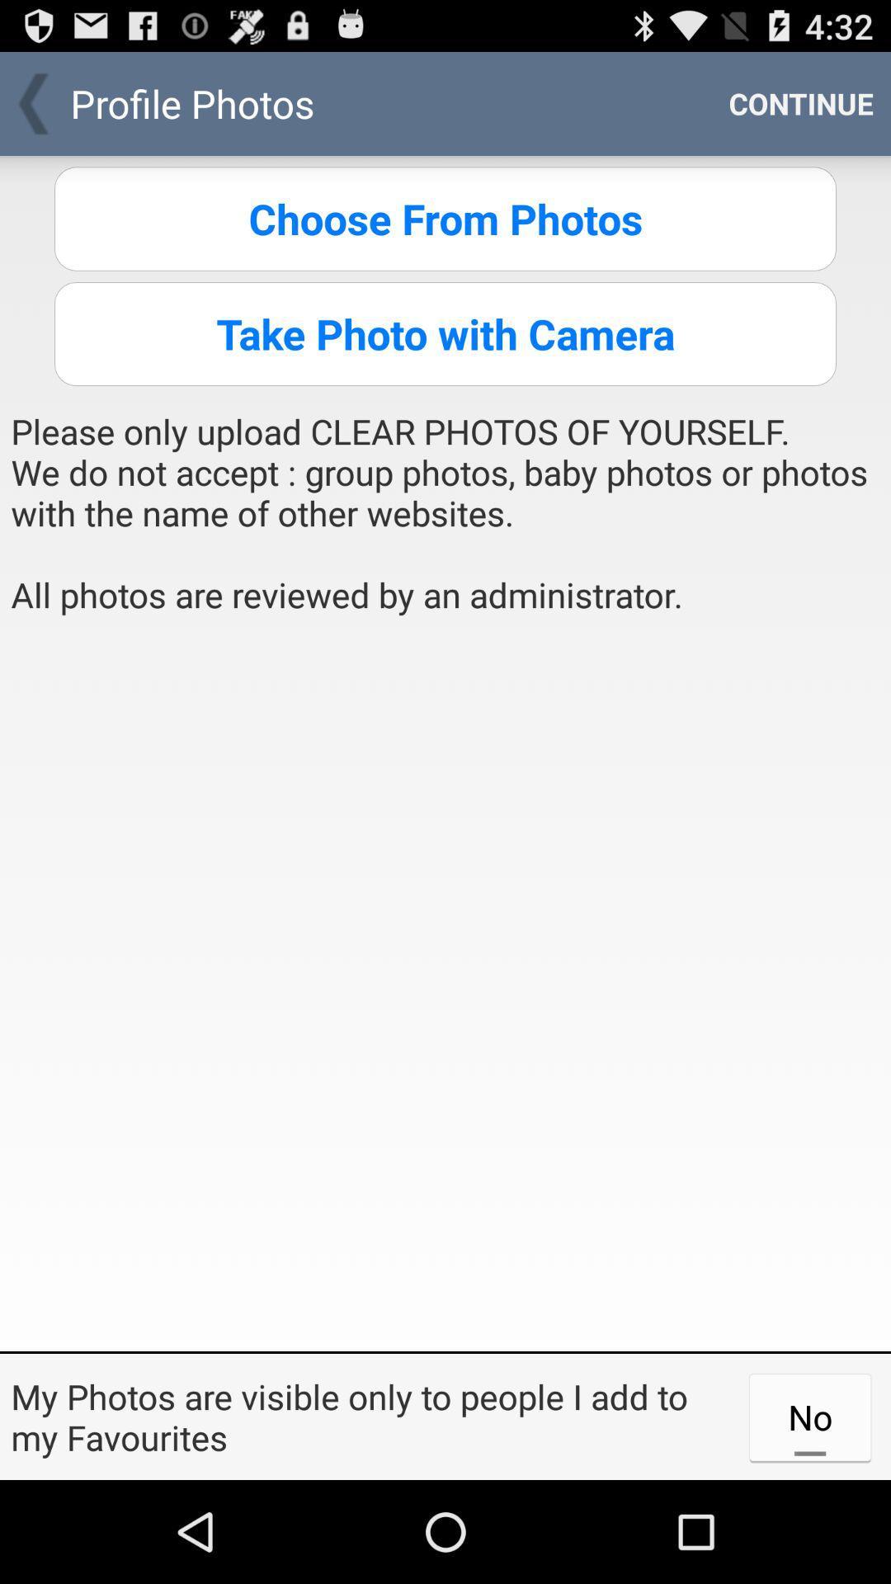 This screenshot has width=891, height=1584. I want to click on the icon at the top right corner, so click(800, 102).